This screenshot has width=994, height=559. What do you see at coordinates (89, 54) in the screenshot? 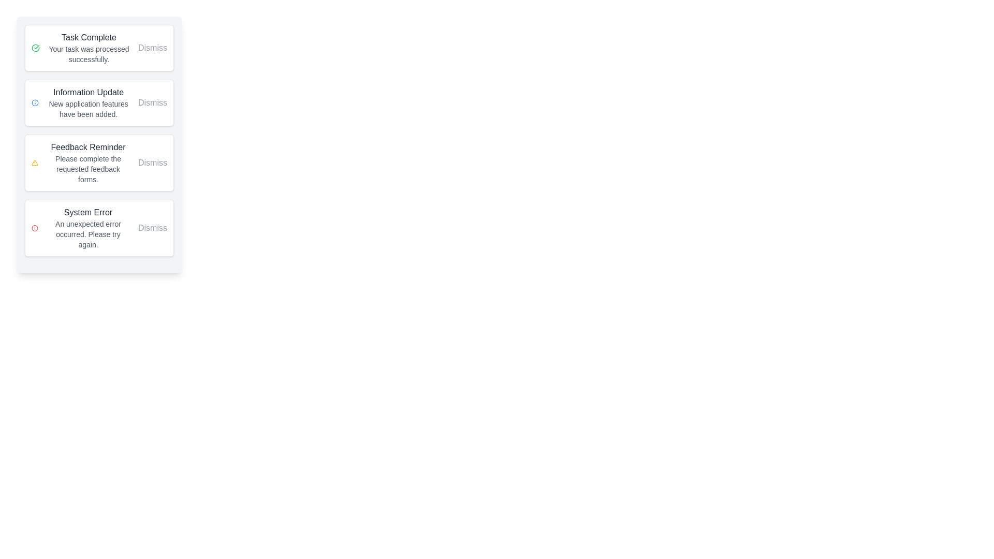
I see `the static text that reads 'Your task was processed successfully.' positioned below the bold text 'Task Complete.'` at bounding box center [89, 54].